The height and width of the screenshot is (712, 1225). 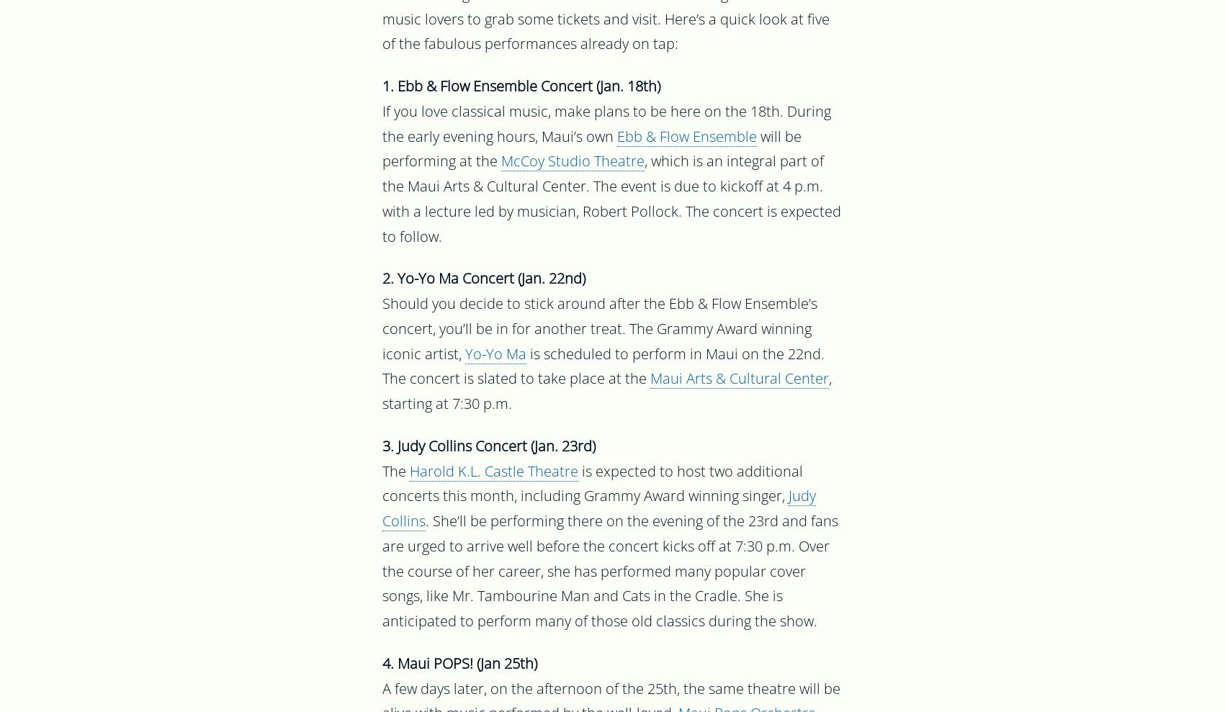 What do you see at coordinates (649, 380) in the screenshot?
I see `'Maui Arts & Cultural Center'` at bounding box center [649, 380].